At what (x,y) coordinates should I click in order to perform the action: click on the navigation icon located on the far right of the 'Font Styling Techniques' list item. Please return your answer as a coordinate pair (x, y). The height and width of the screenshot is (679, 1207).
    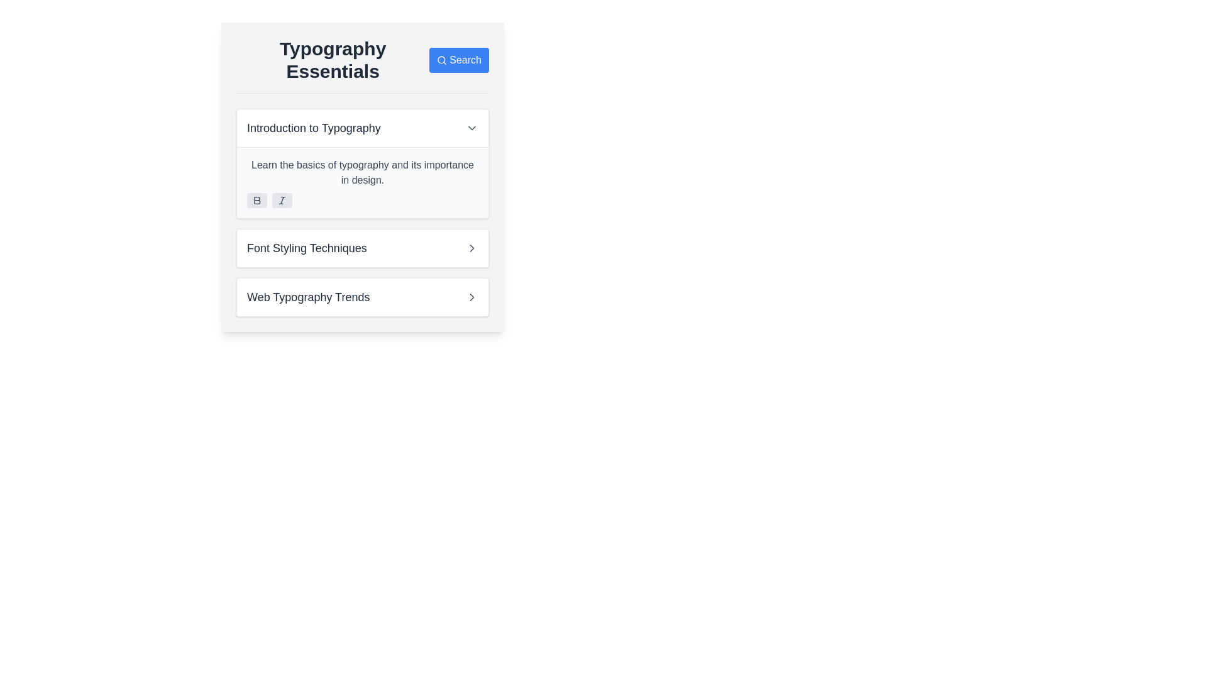
    Looking at the image, I should click on (471, 248).